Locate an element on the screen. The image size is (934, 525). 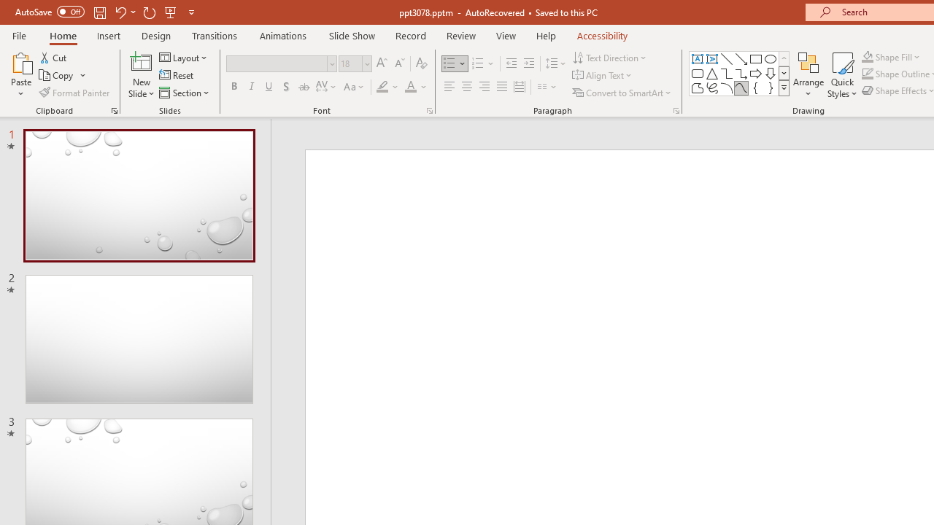
'Strikethrough' is located at coordinates (303, 87).